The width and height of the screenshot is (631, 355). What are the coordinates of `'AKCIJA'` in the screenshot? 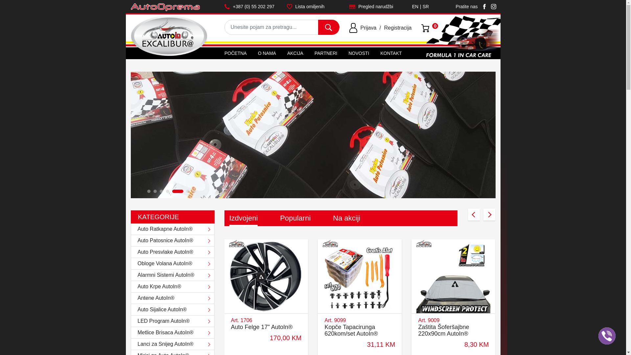 It's located at (295, 53).